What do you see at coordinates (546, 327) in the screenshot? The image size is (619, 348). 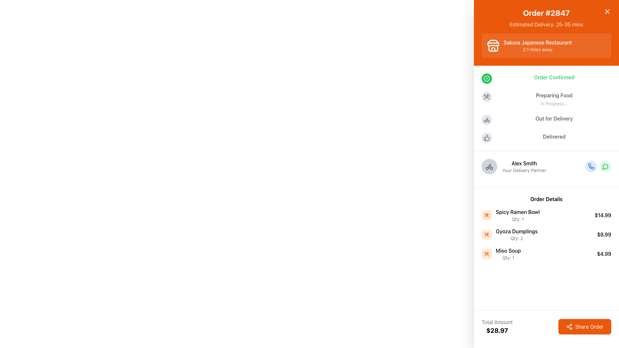 I see `'Total Amount' displayed in the Composite UI component located at the bottom-right corner of the interface` at bounding box center [546, 327].